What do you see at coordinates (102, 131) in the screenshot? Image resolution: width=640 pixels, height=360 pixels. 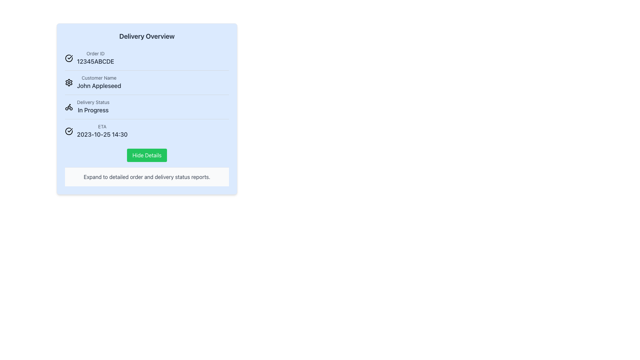 I see `the ETA Text block located in the bottom part of the 'Delivery Overview' card, which is the fourth section in a vertically arranged list of items, to interact with the associated section` at bounding box center [102, 131].